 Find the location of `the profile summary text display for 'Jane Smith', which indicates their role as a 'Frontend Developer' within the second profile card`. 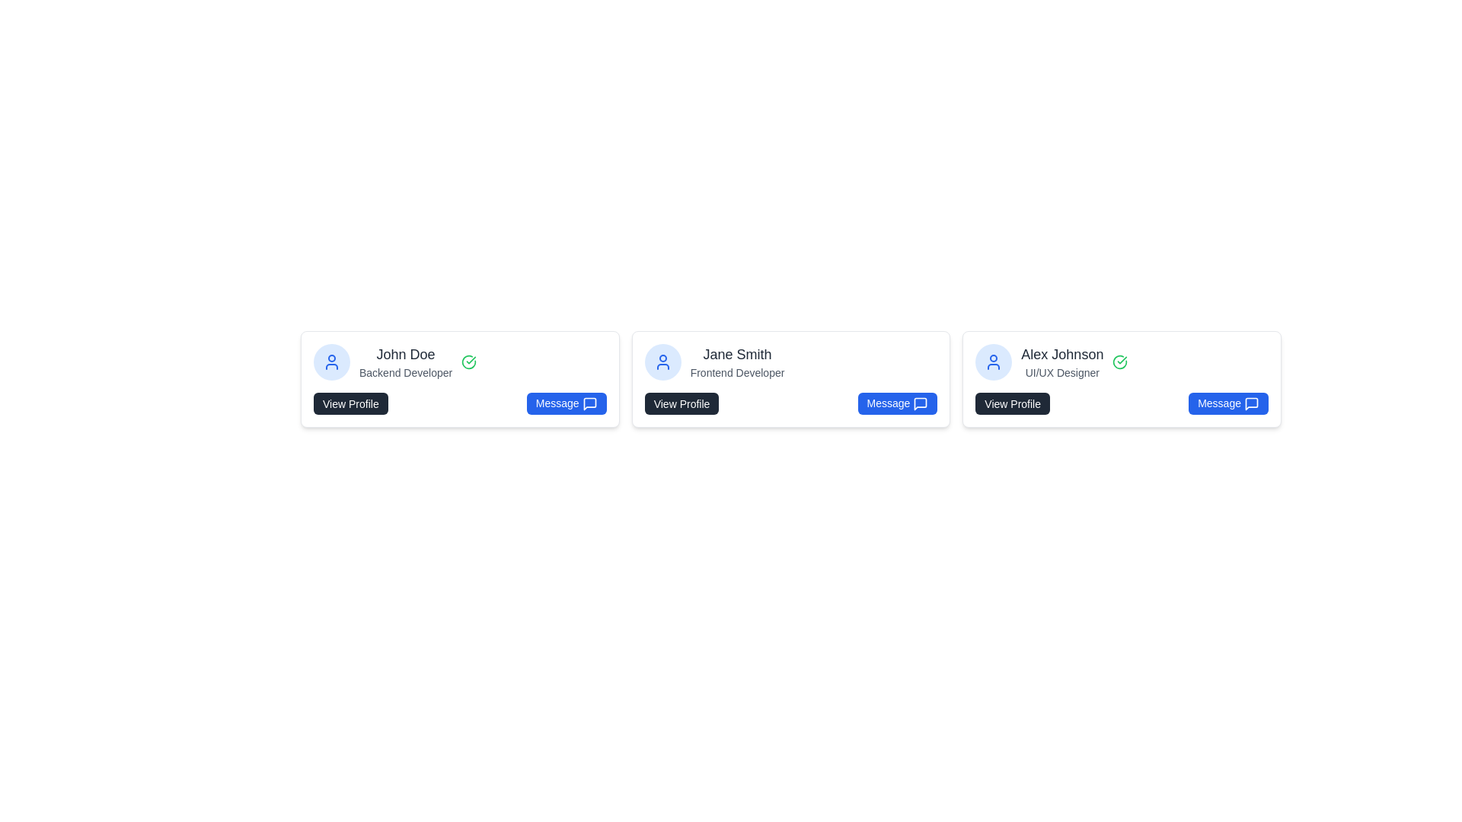

the profile summary text display for 'Jane Smith', which indicates their role as a 'Frontend Developer' within the second profile card is located at coordinates (737, 362).